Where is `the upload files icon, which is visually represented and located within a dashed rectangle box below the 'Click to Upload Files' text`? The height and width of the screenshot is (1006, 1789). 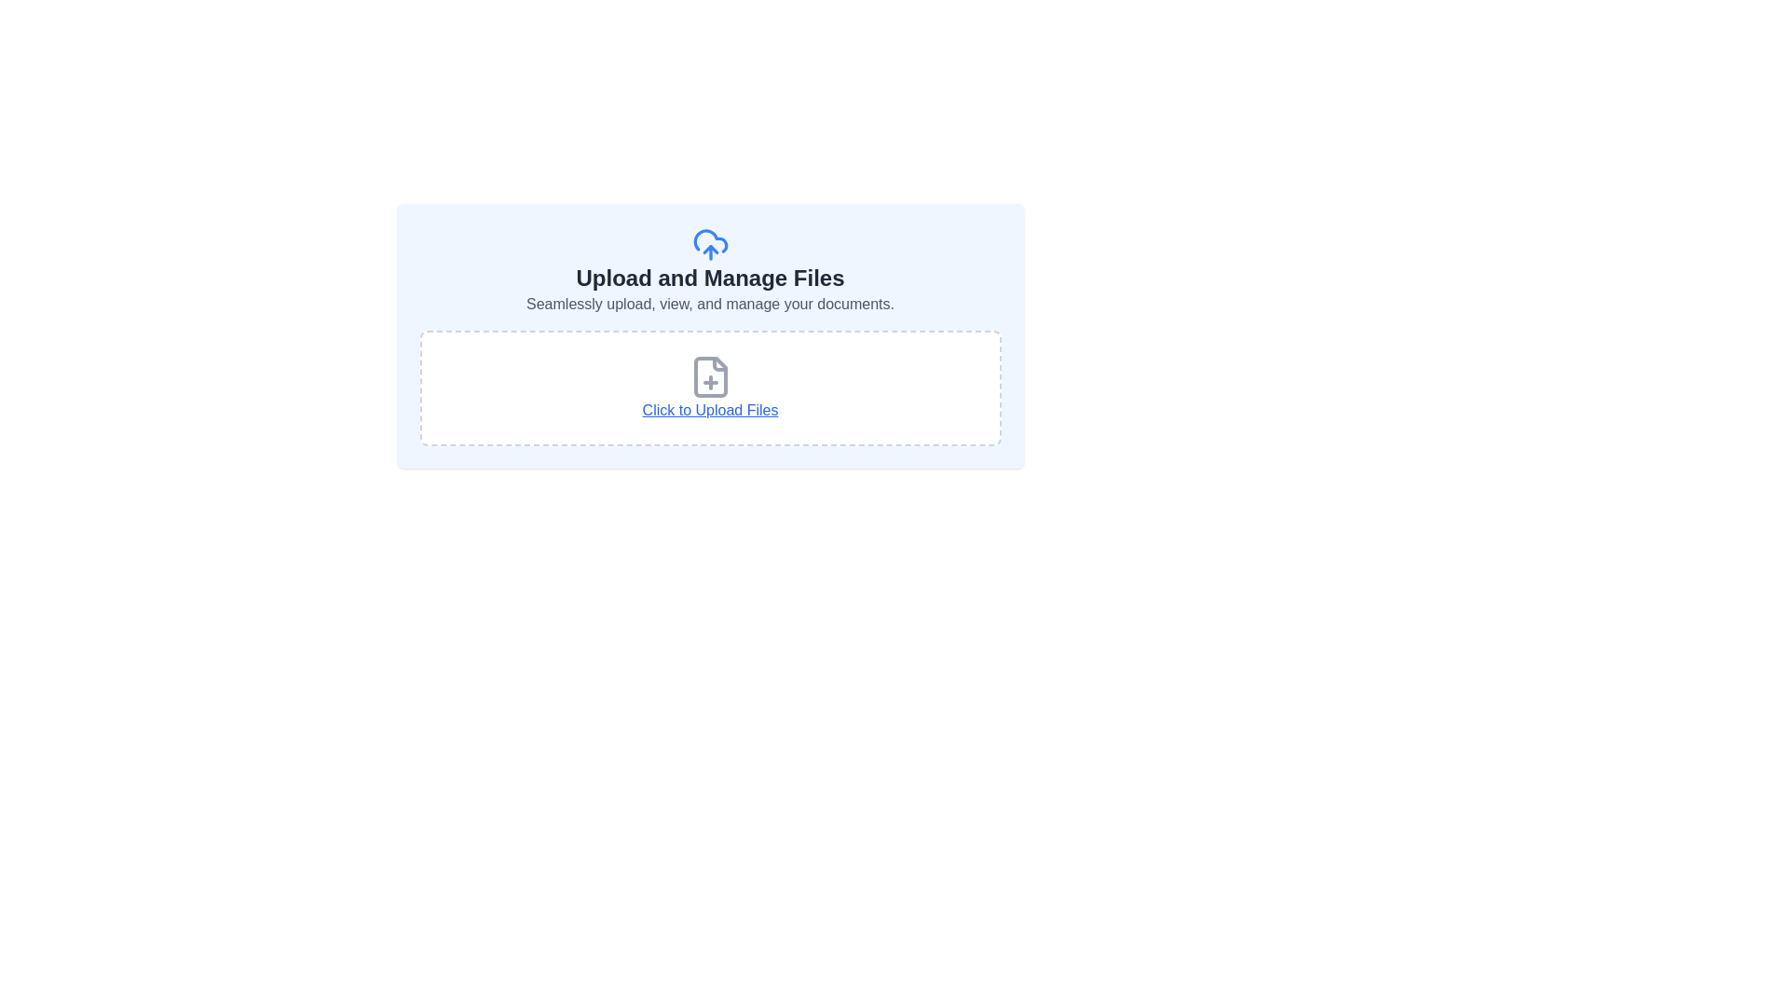 the upload files icon, which is visually represented and located within a dashed rectangle box below the 'Click to Upload Files' text is located at coordinates (709, 377).